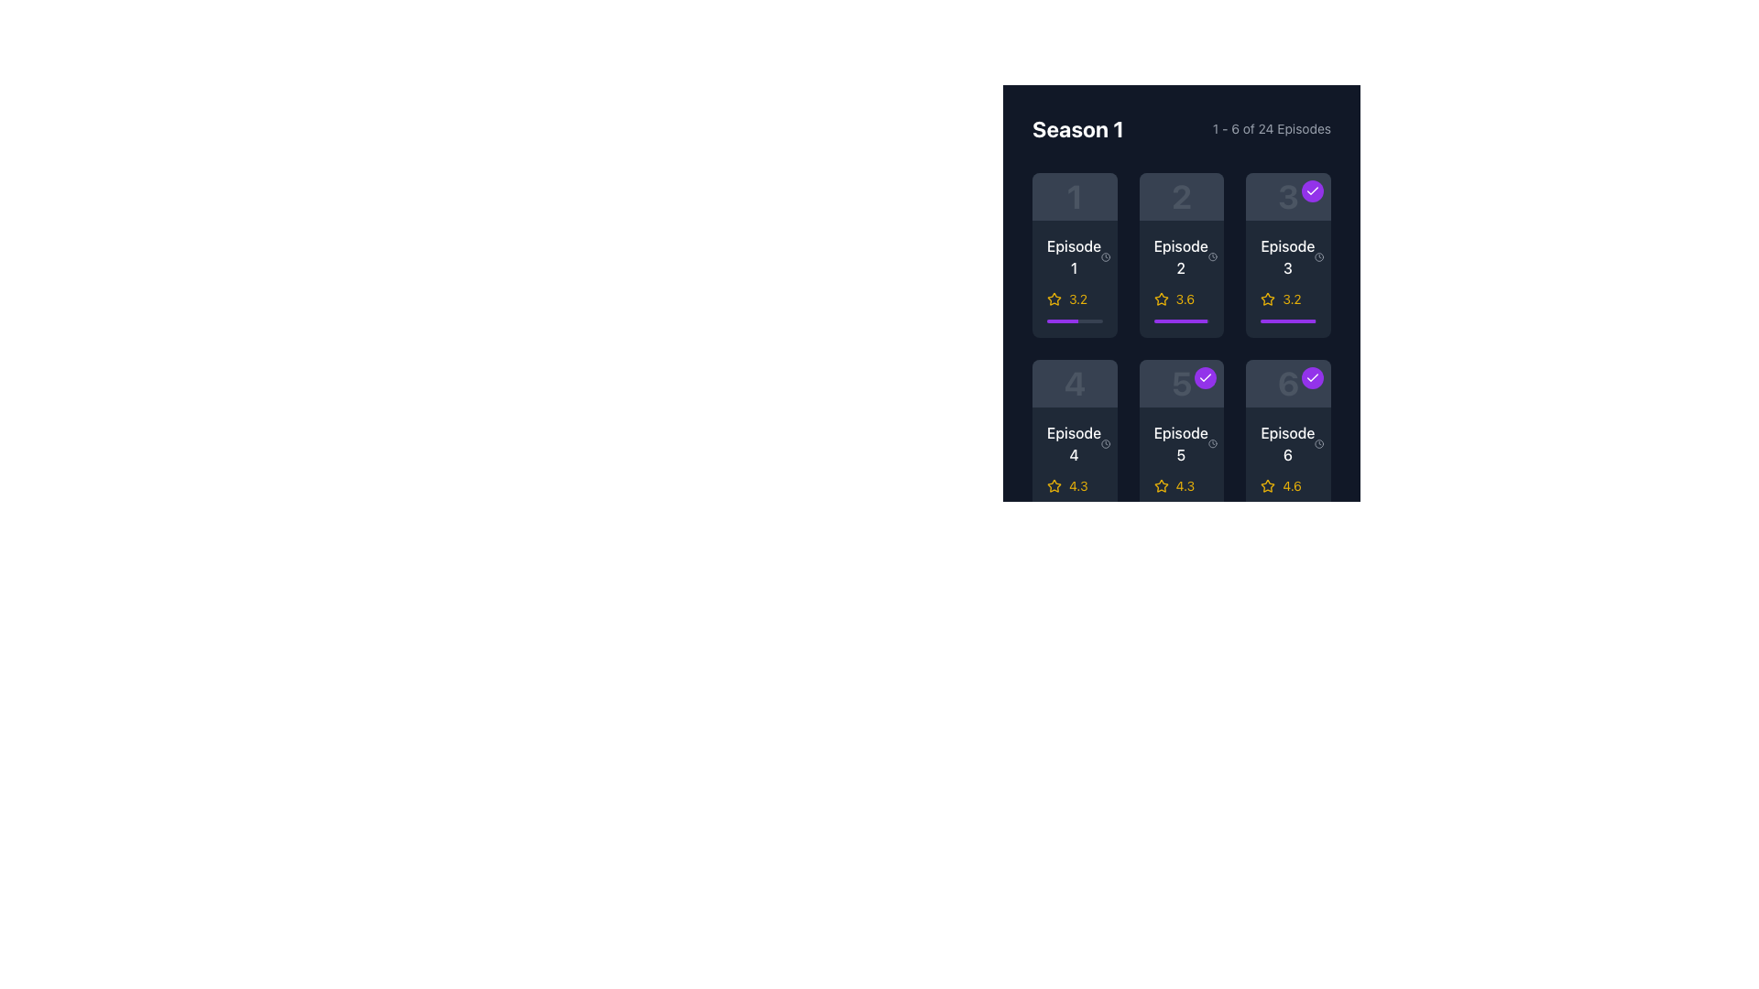 The width and height of the screenshot is (1759, 989). I want to click on the first episode's informational display card located in the upper-left quadrant of the grid layout, so click(1075, 279).